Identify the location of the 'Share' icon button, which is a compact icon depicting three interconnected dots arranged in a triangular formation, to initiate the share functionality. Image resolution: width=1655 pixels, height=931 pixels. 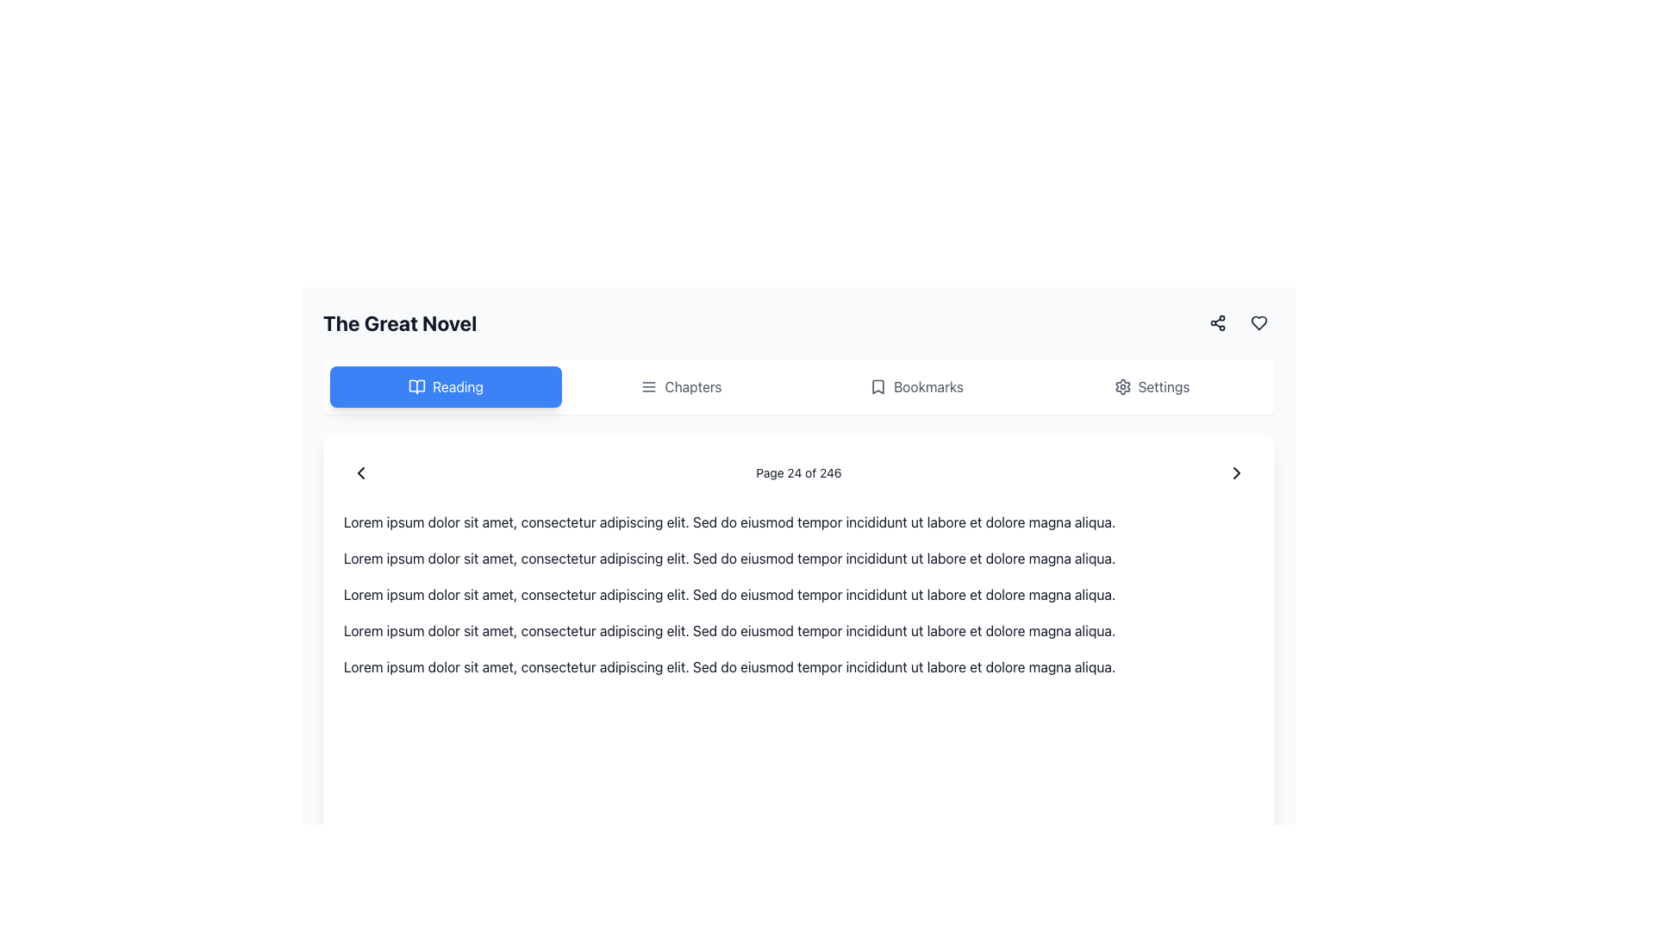
(1216, 322).